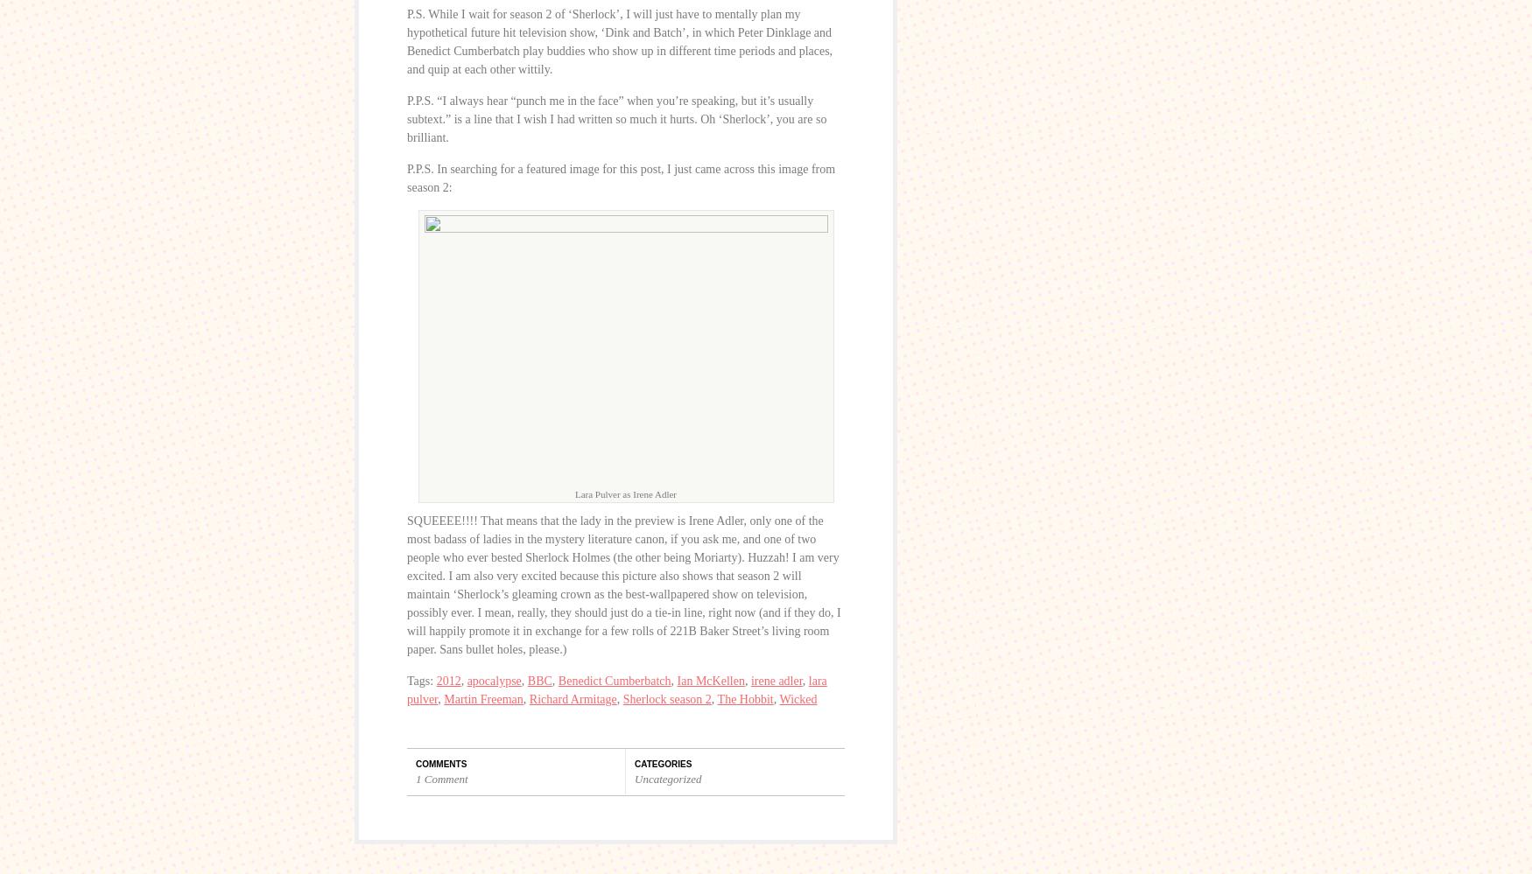  Describe the element at coordinates (539, 681) in the screenshot. I see `'BBC'` at that location.